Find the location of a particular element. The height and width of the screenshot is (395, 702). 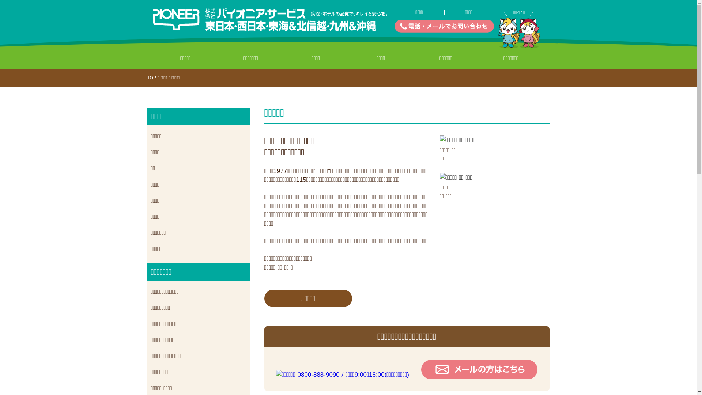

'TOP' is located at coordinates (151, 78).